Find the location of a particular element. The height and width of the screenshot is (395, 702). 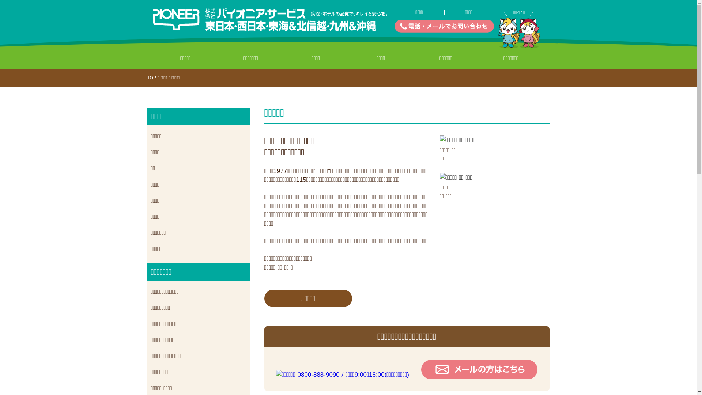

'TOP' is located at coordinates (151, 78).